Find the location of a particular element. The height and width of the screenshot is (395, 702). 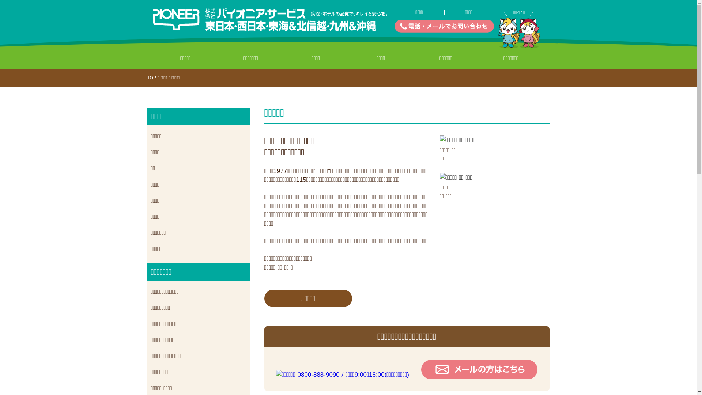

'TOP' is located at coordinates (151, 78).